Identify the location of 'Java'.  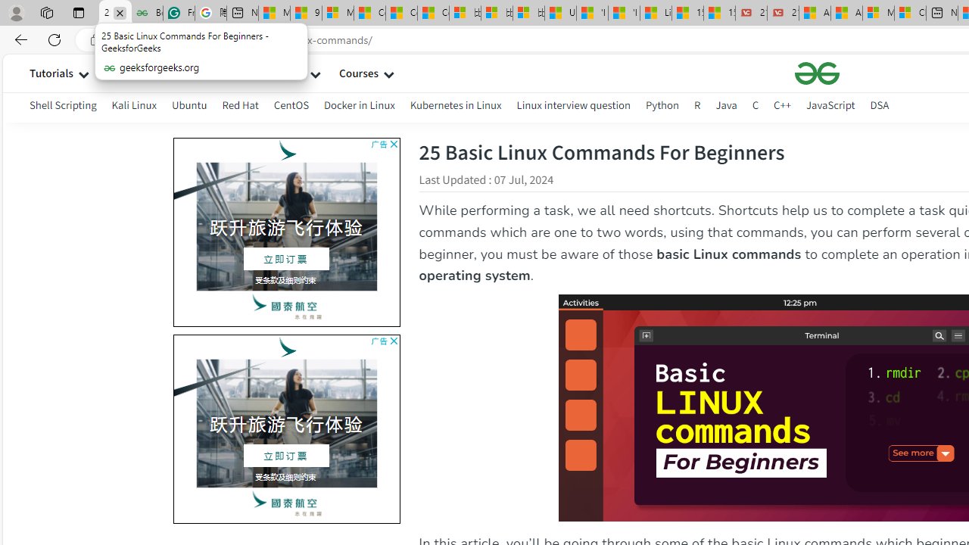
(725, 104).